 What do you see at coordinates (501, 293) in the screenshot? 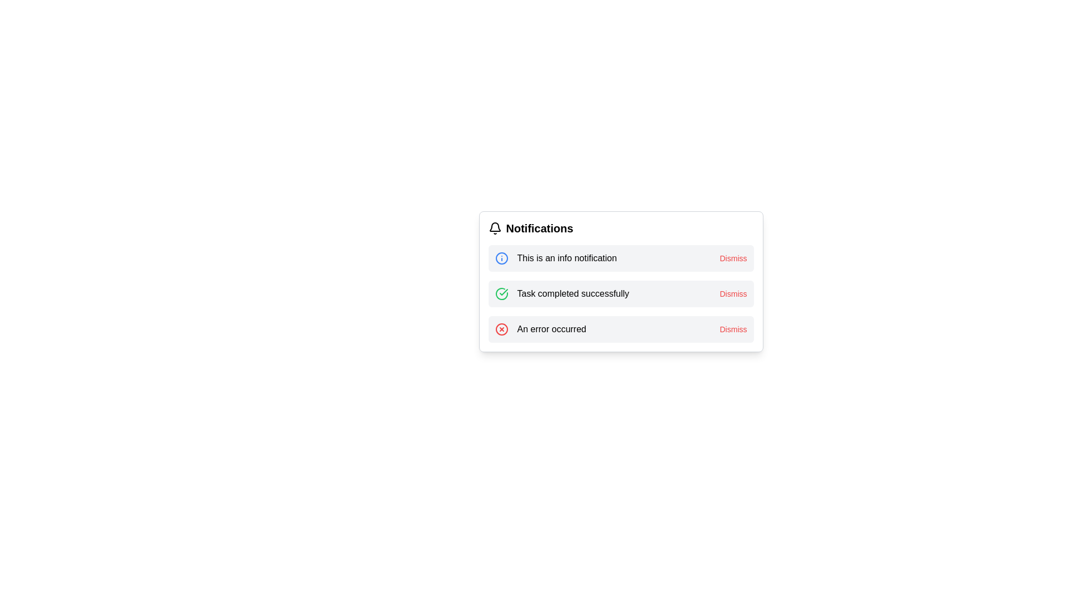
I see `the checkmark icon that indicates successful task completion, which is located at the start of the second notification row in the list` at bounding box center [501, 293].